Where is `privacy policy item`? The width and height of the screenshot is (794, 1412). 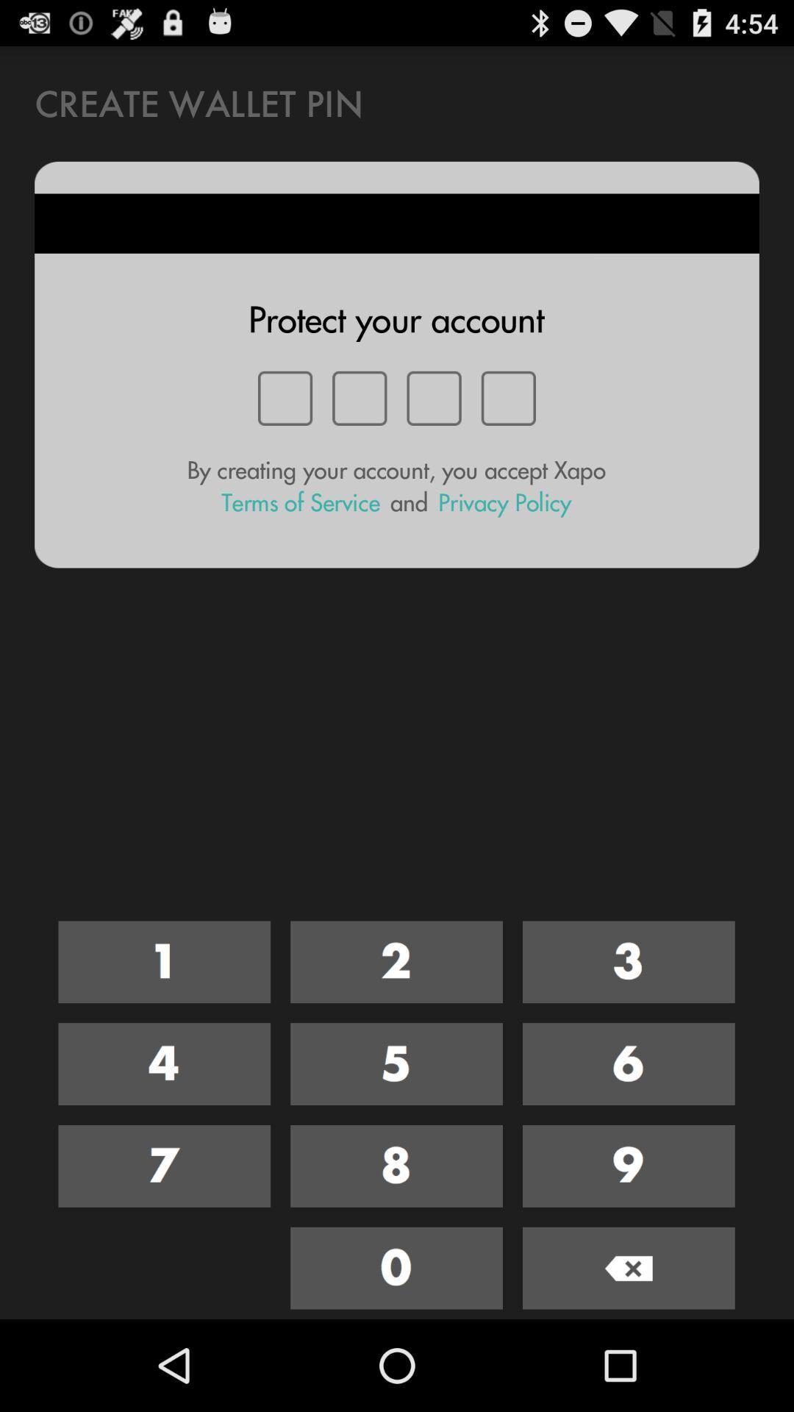 privacy policy item is located at coordinates (504, 502).